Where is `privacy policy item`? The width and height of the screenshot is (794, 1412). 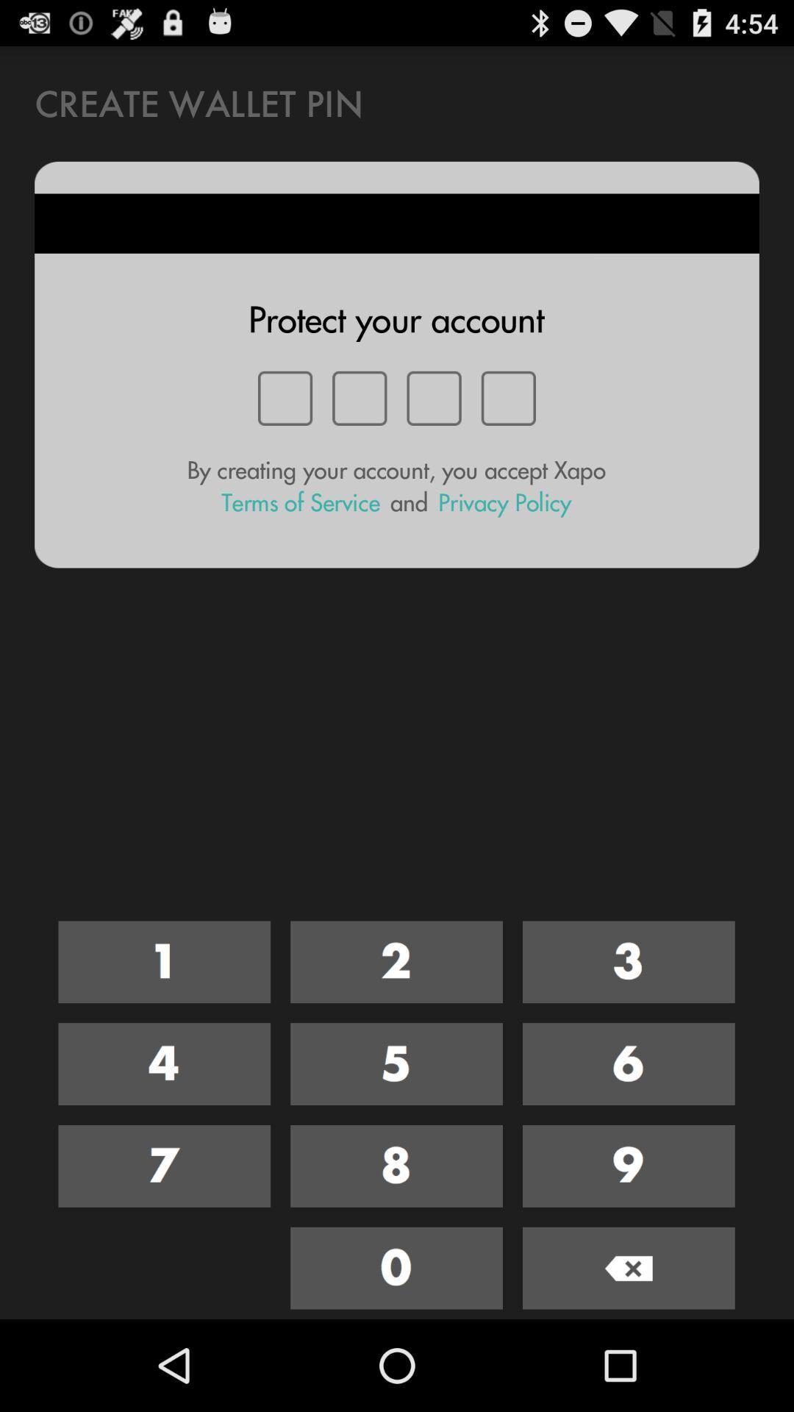 privacy policy item is located at coordinates (504, 502).